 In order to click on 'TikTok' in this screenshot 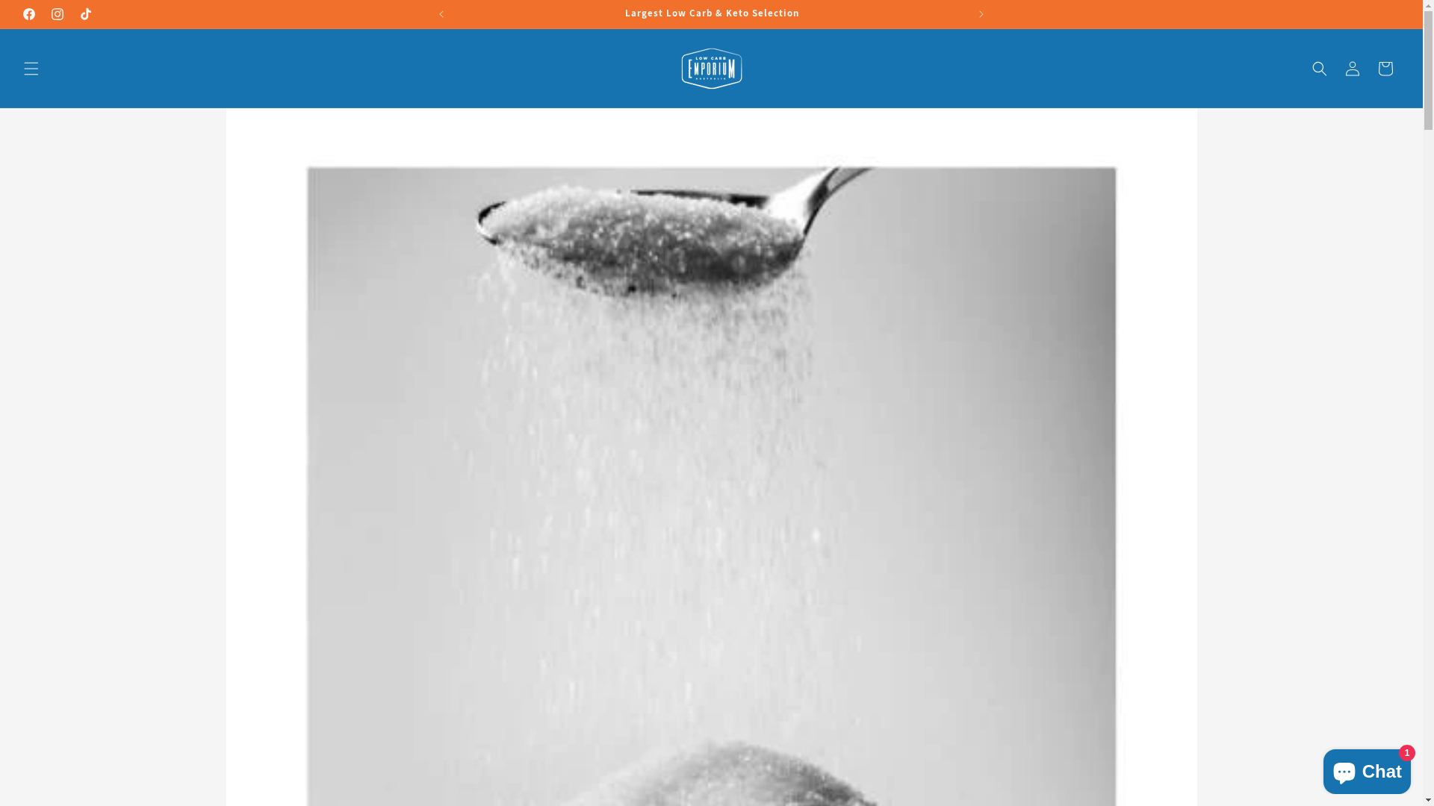, I will do `click(71, 14)`.